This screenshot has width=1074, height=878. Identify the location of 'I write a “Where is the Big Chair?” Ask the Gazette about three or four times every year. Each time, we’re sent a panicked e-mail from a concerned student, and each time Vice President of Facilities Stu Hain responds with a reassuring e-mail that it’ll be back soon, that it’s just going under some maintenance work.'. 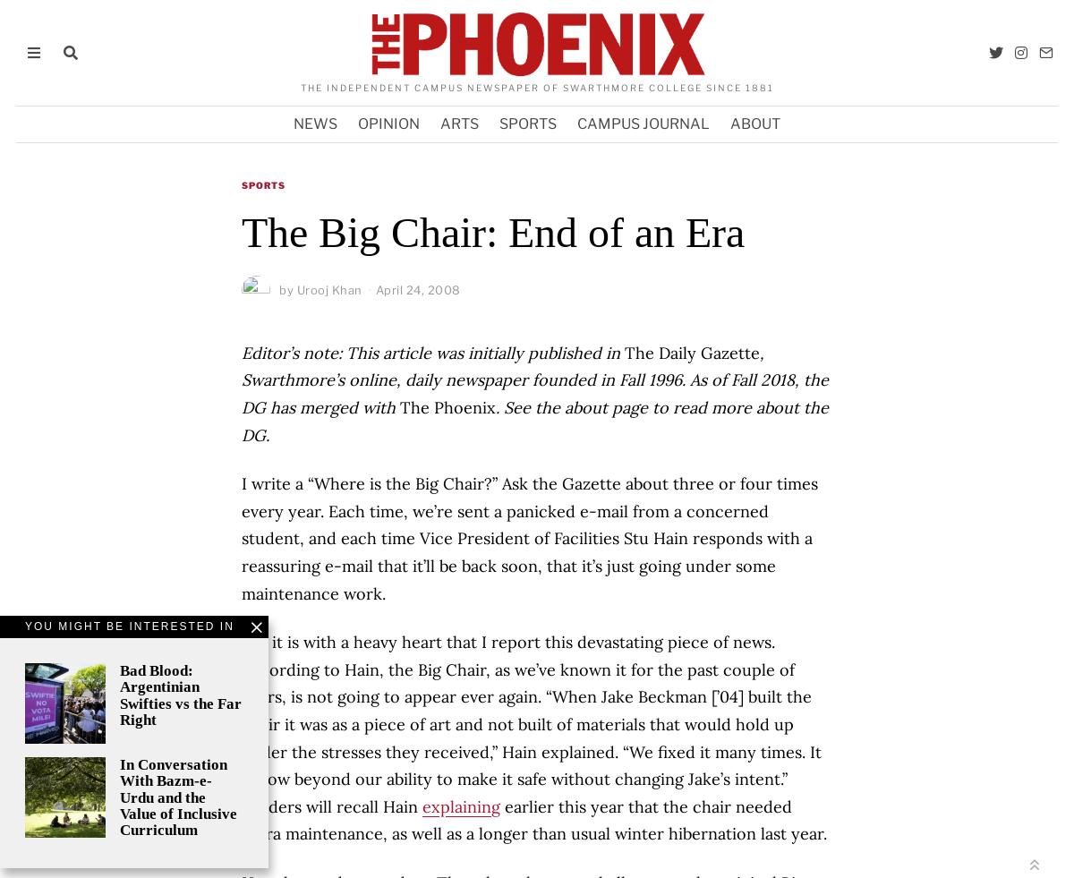
(241, 538).